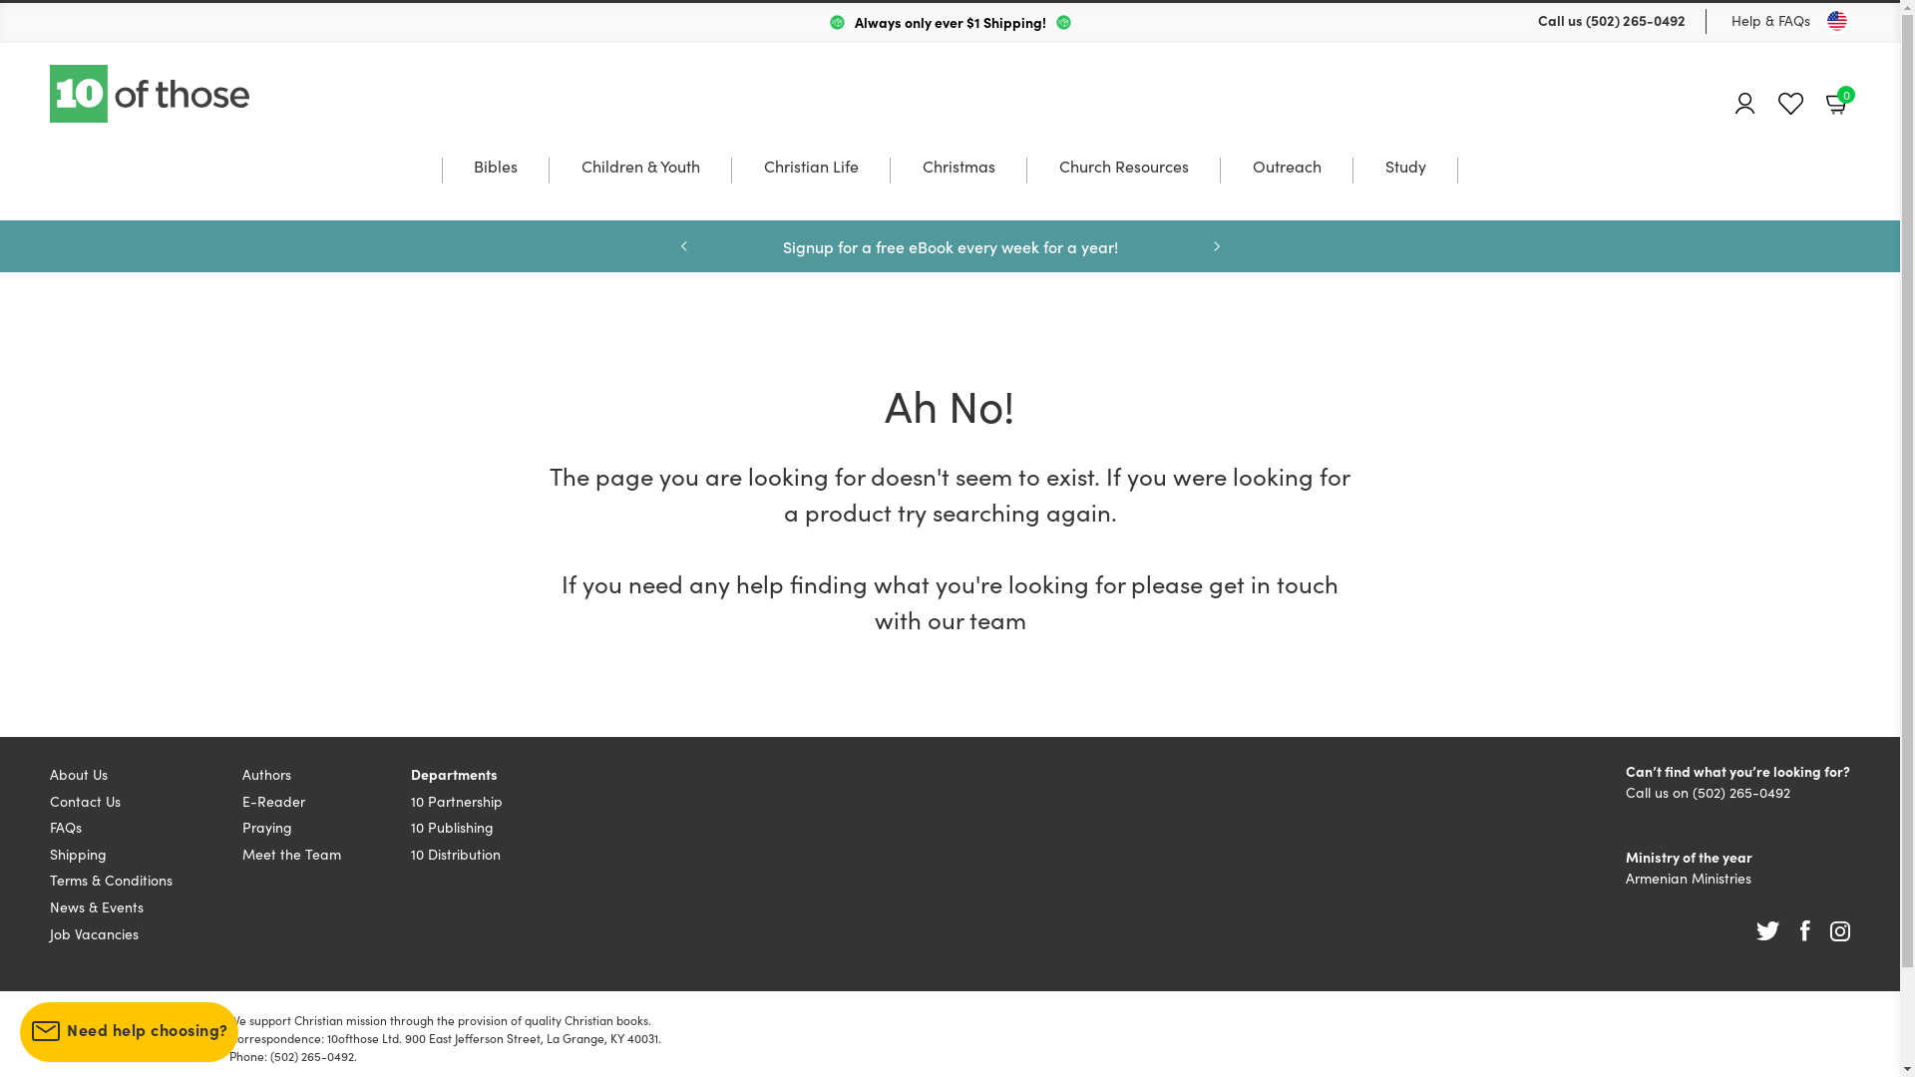  Describe the element at coordinates (683, 244) in the screenshot. I see `'Previous'` at that location.